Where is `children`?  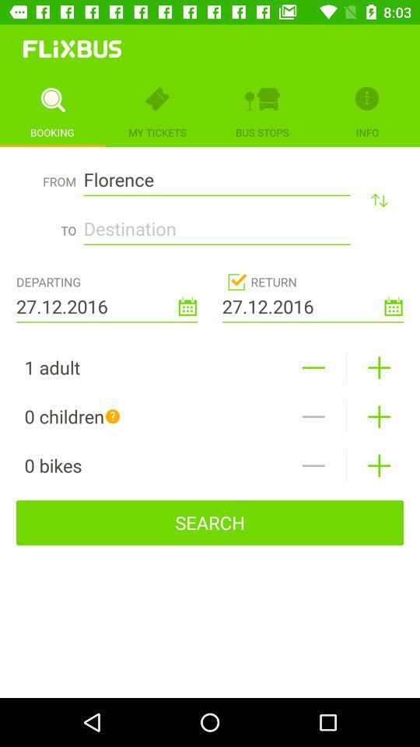 children is located at coordinates (378, 416).